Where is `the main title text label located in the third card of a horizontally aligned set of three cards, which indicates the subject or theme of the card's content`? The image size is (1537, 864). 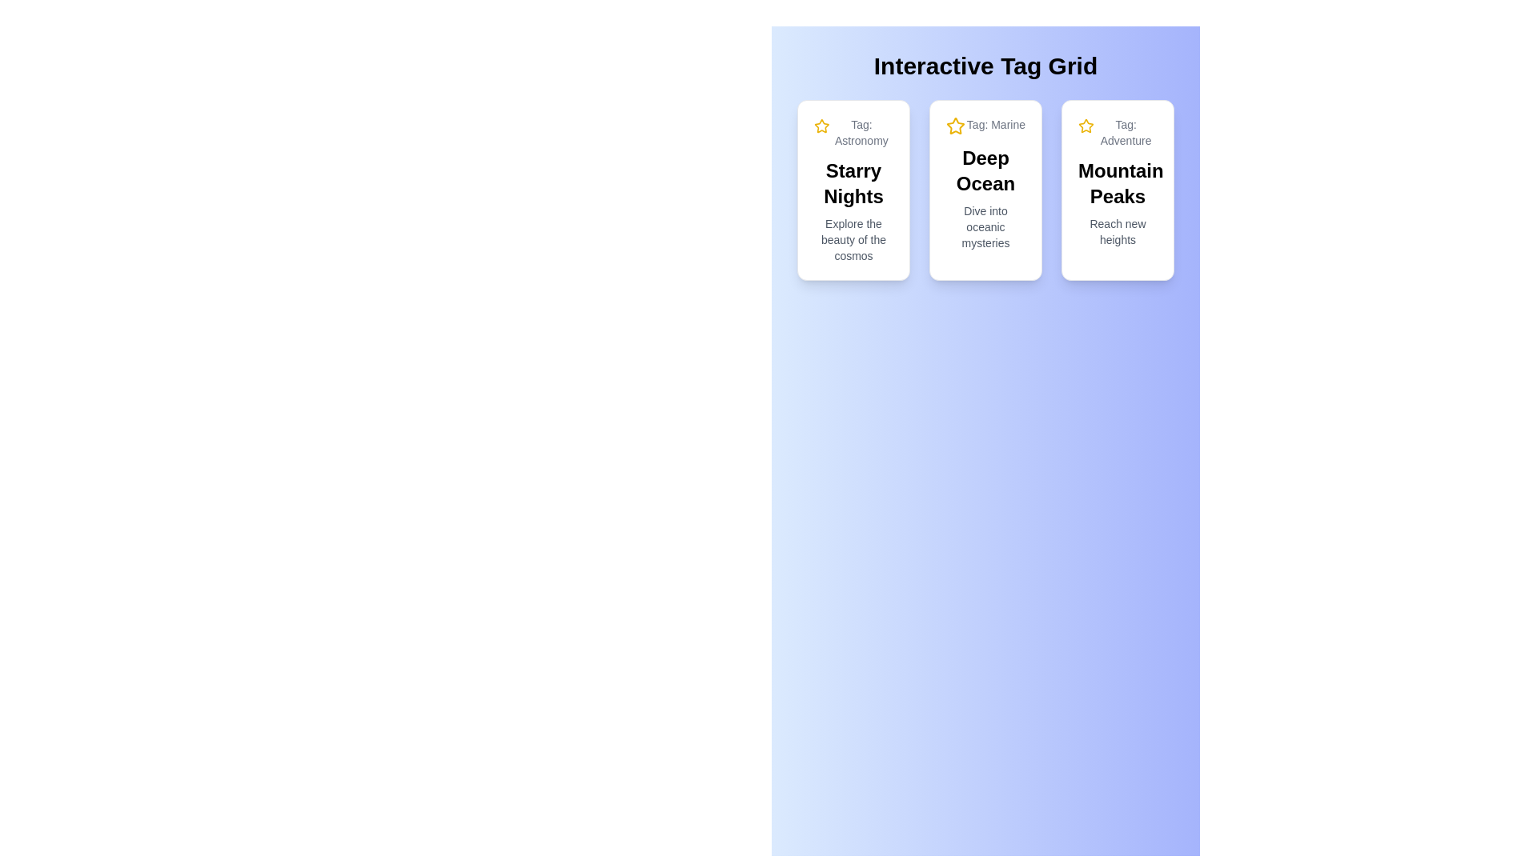
the main title text label located in the third card of a horizontally aligned set of three cards, which indicates the subject or theme of the card's content is located at coordinates (1117, 183).